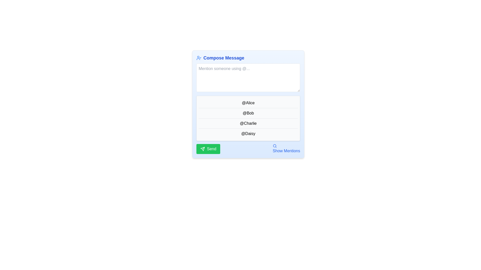 The image size is (481, 270). What do you see at coordinates (248, 133) in the screenshot?
I see `the last item in the vertical list displaying the text '@Daisy'` at bounding box center [248, 133].